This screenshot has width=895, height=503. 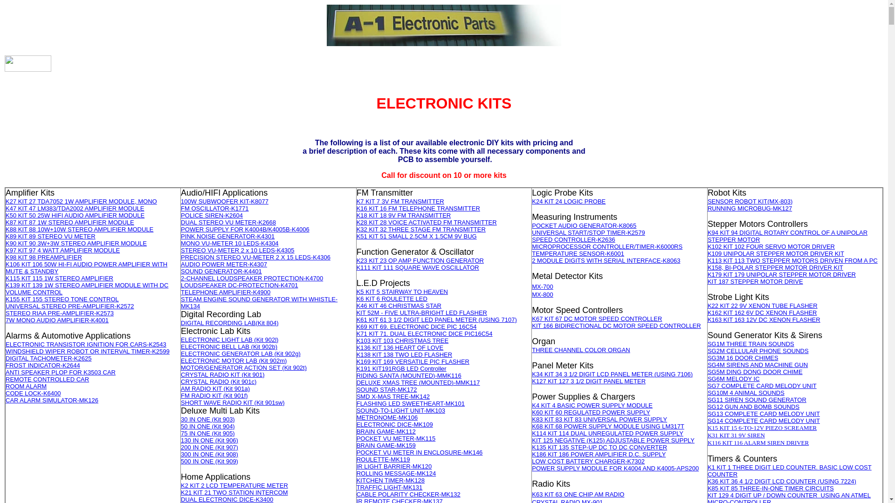 What do you see at coordinates (402, 340) in the screenshot?
I see `'K103 KIT 103 CHRISTMAS TREE'` at bounding box center [402, 340].